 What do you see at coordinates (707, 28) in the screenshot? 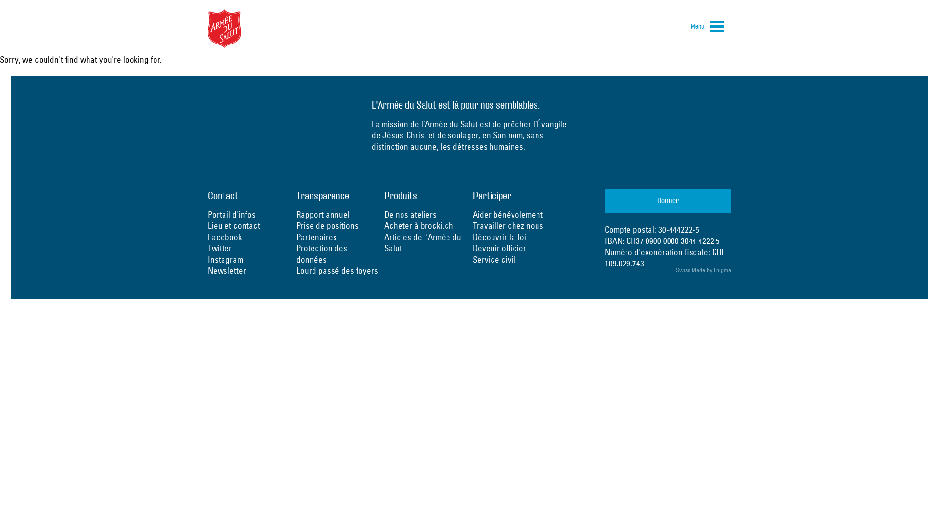
I see `'Menu'` at bounding box center [707, 28].